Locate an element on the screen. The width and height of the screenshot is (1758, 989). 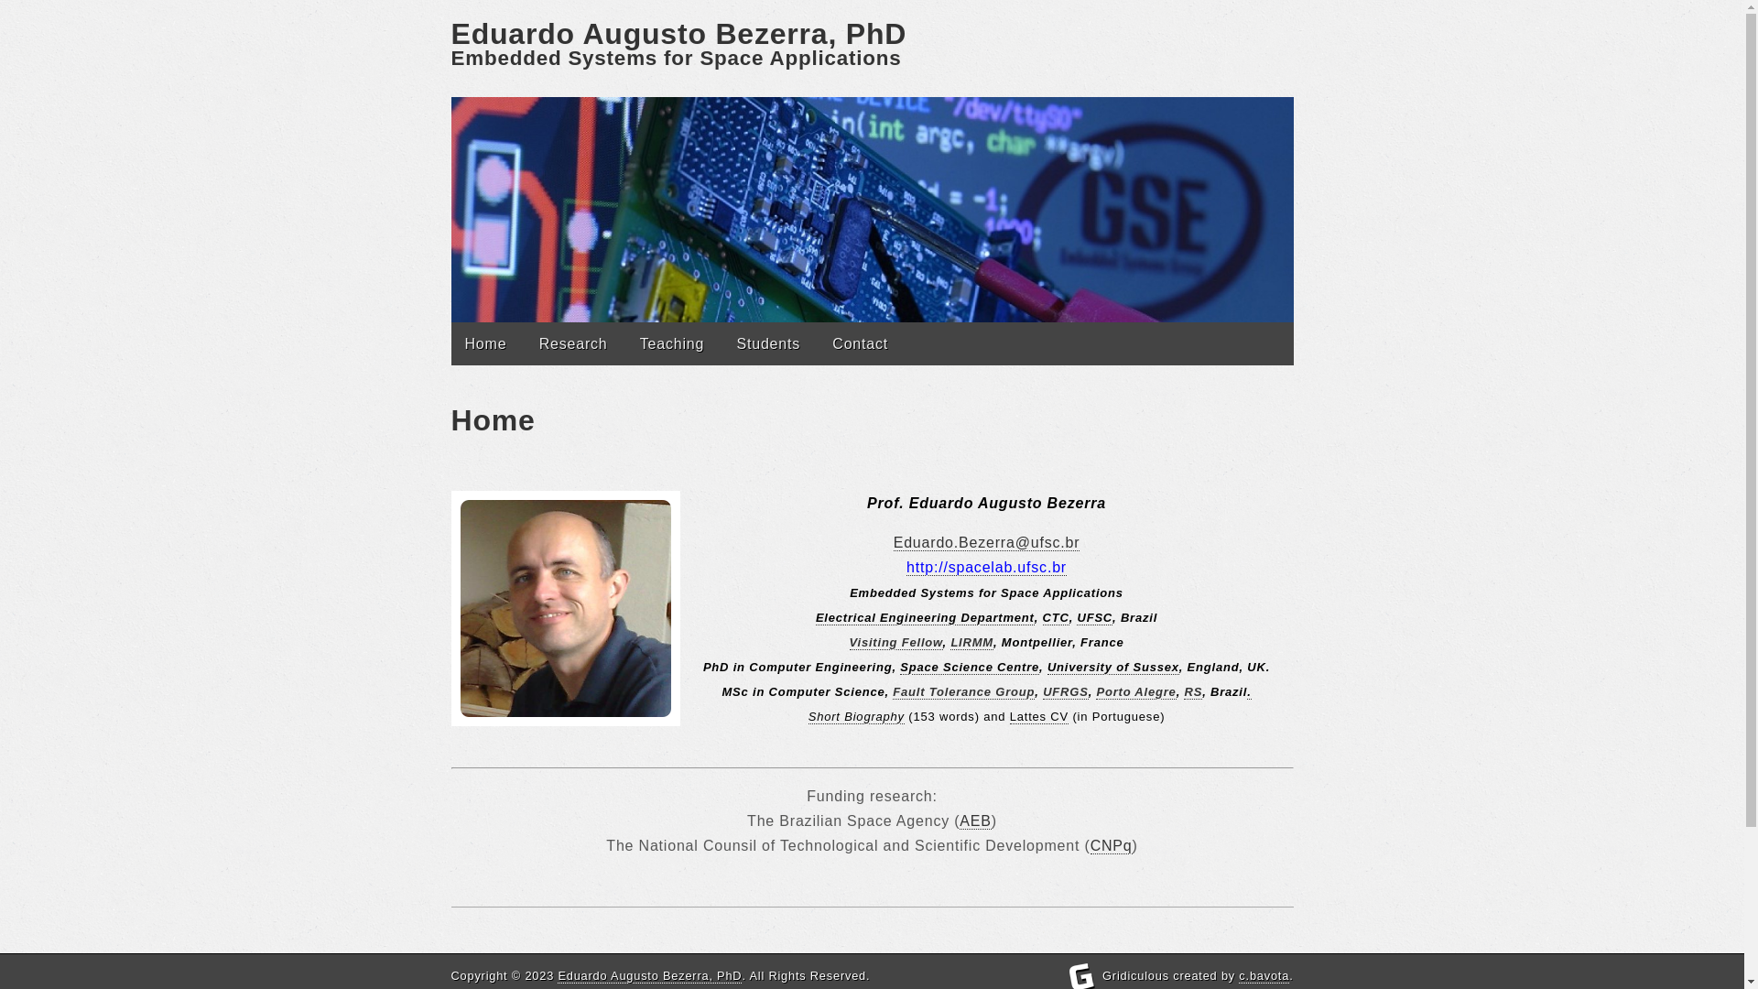
'http://spacelab.ufsc.br' is located at coordinates (985, 567).